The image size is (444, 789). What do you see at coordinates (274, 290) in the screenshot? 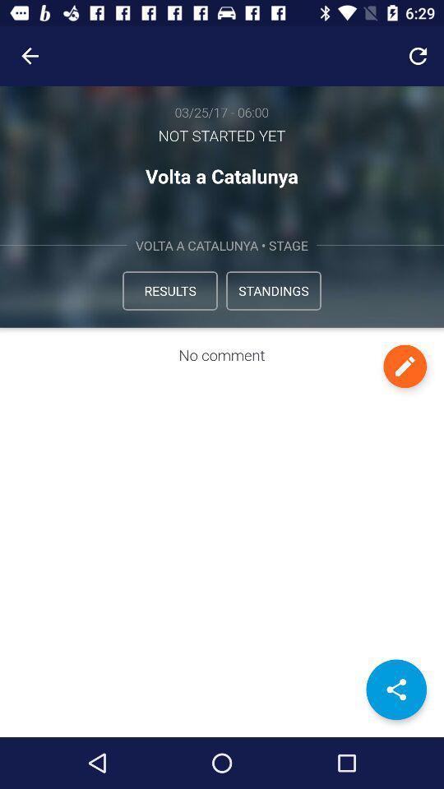
I see `the icon to the right of the results icon` at bounding box center [274, 290].